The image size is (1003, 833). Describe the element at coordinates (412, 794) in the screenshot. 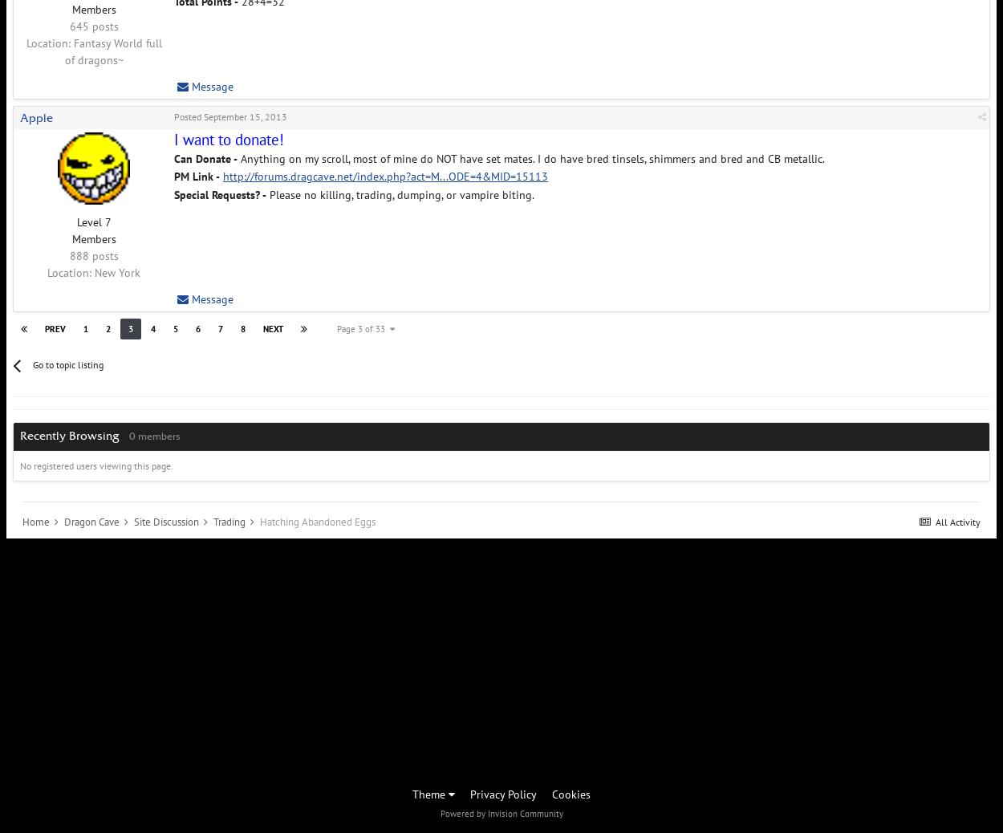

I see `'Theme'` at that location.